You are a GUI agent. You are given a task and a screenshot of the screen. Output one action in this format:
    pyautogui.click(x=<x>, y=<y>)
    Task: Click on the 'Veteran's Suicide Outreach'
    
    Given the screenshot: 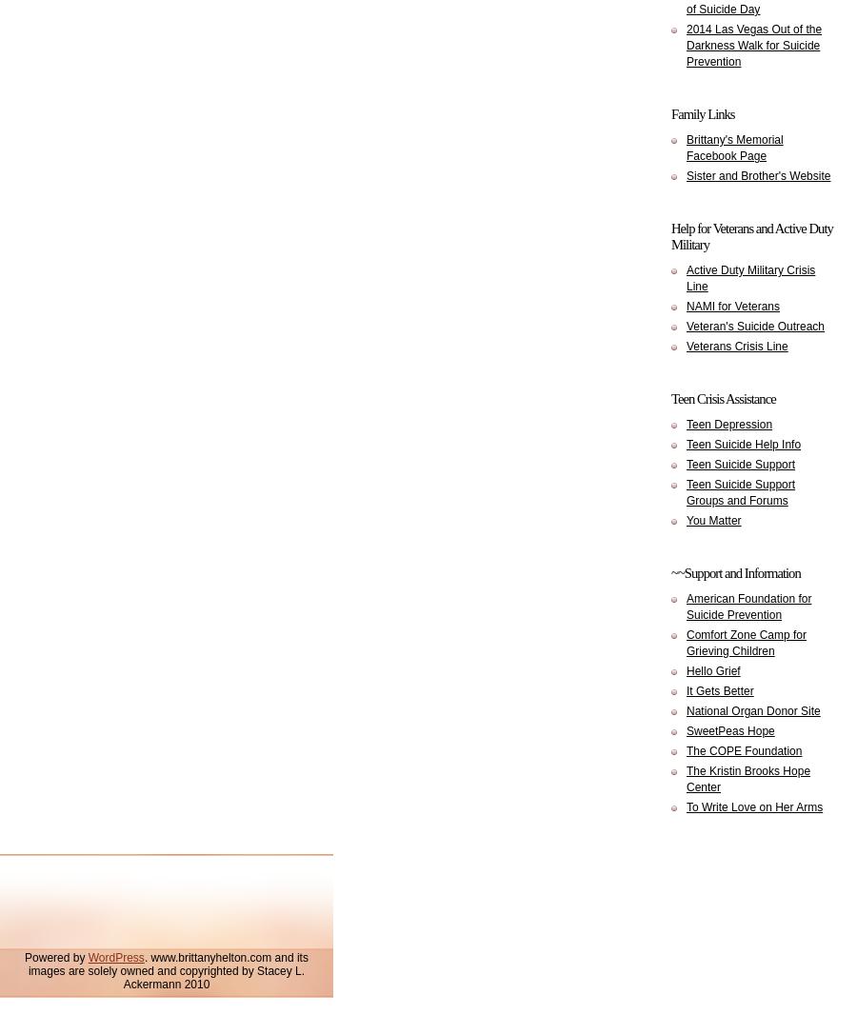 What is the action you would take?
    pyautogui.click(x=755, y=327)
    